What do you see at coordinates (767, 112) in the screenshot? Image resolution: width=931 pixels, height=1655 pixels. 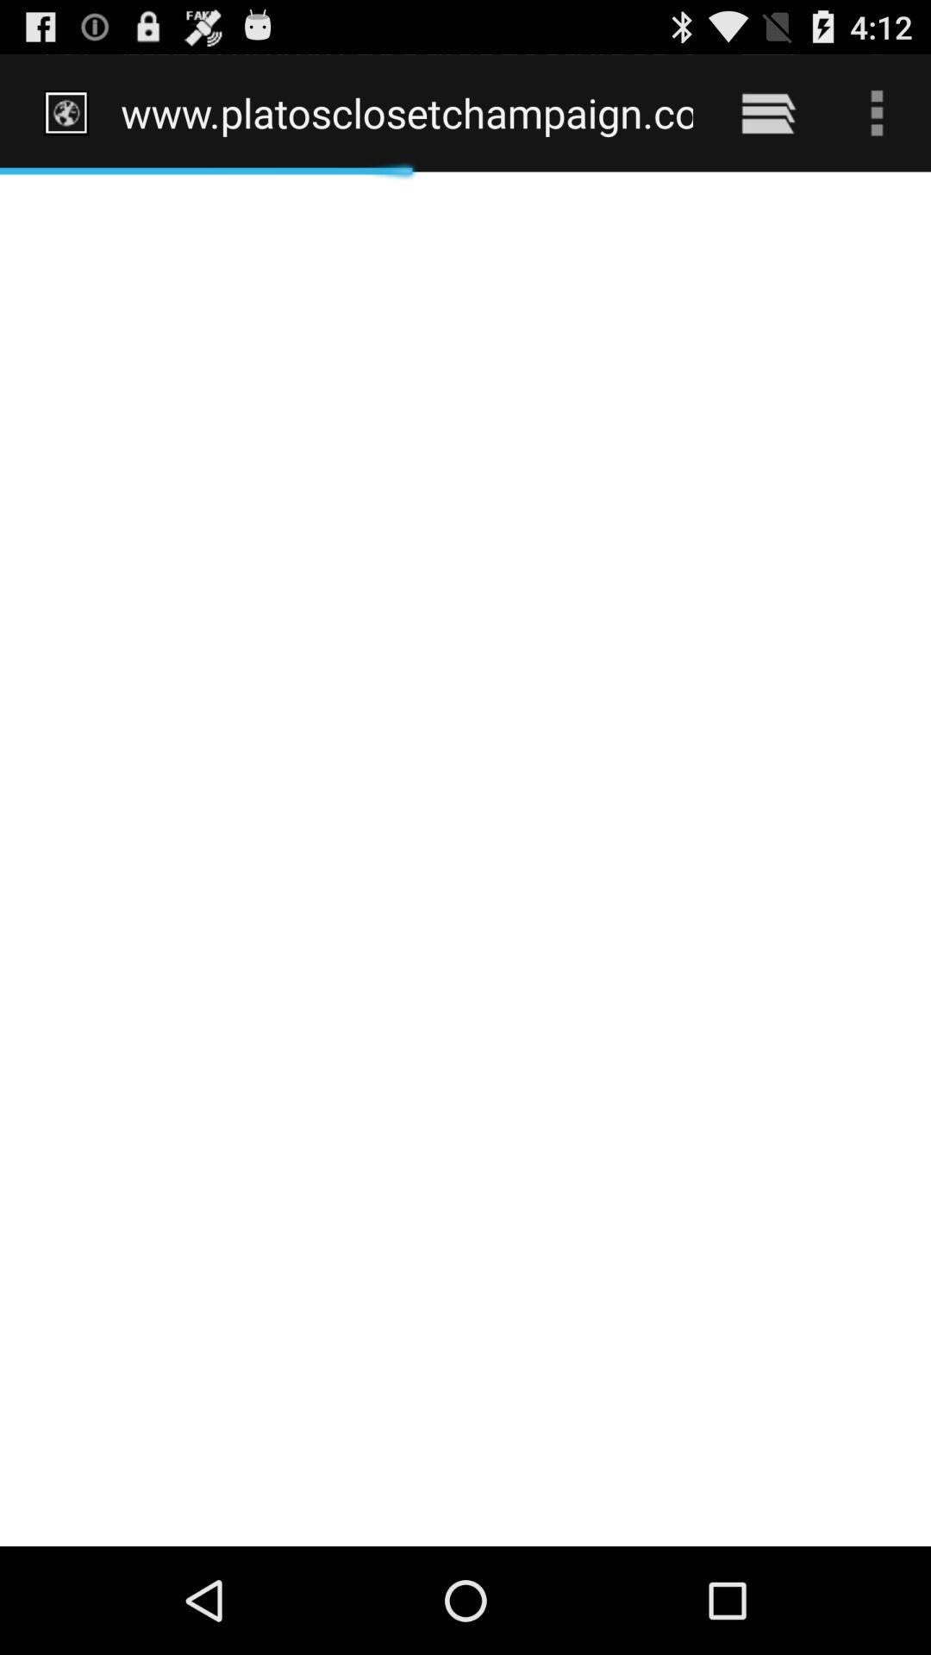 I see `the icon to the right of the www.platosclosetchampaign.com item` at bounding box center [767, 112].